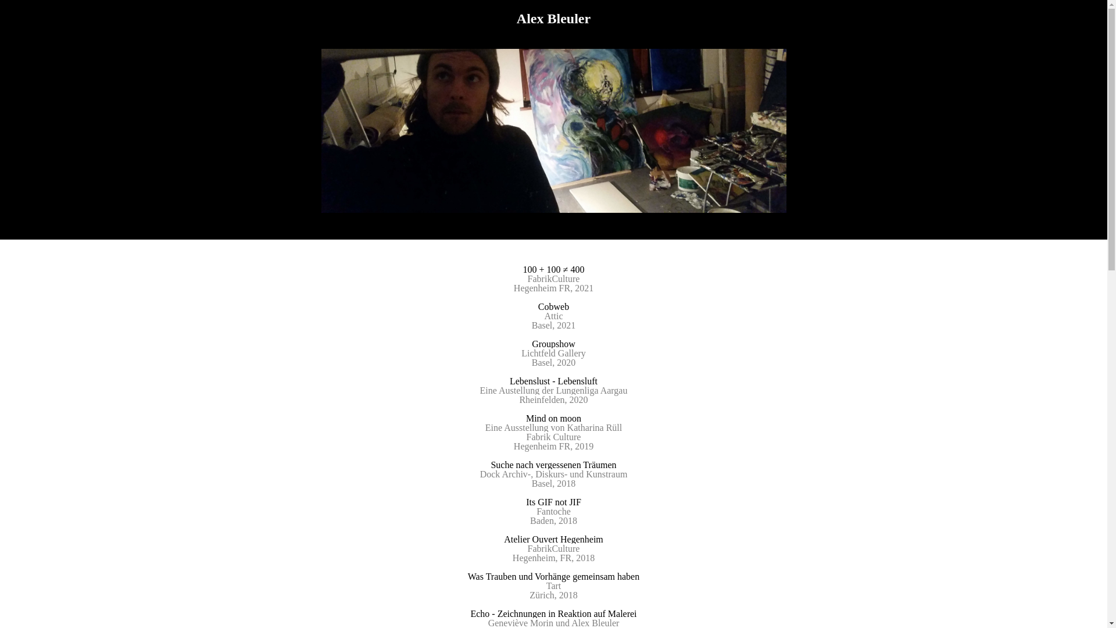 The image size is (1116, 628). I want to click on 'Groupshow', so click(553, 343).